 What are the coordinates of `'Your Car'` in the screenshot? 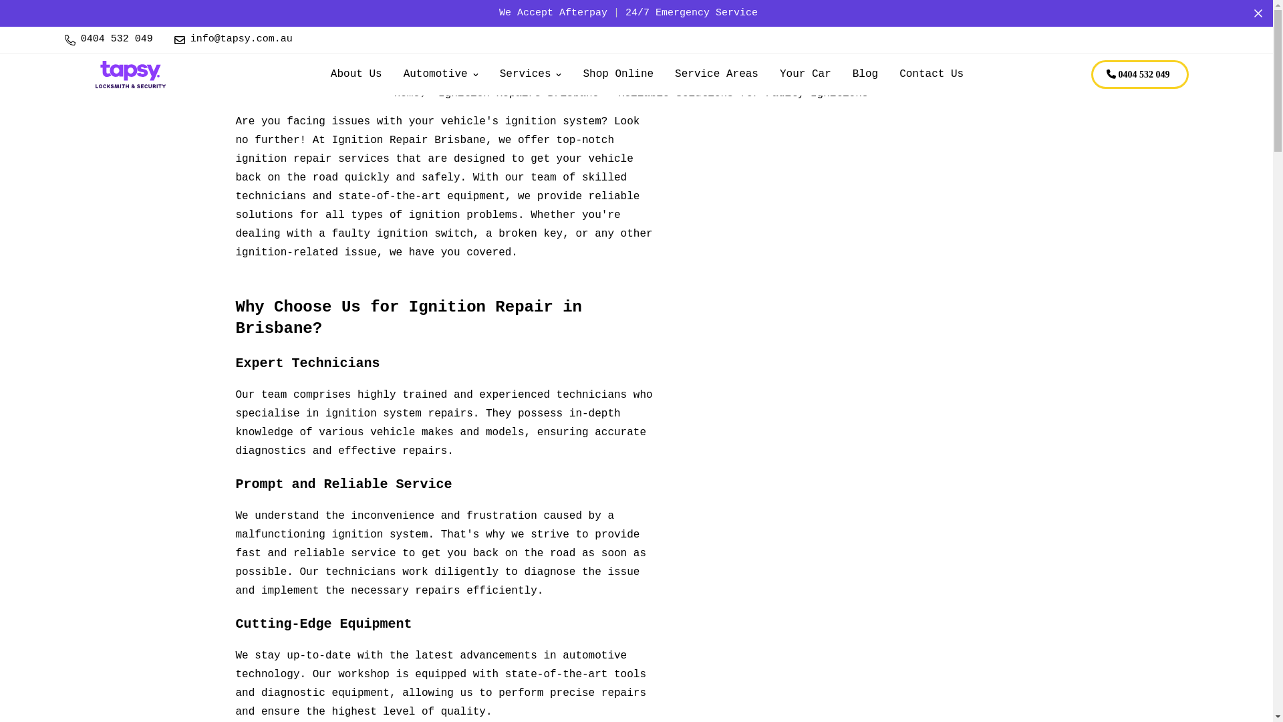 It's located at (805, 74).